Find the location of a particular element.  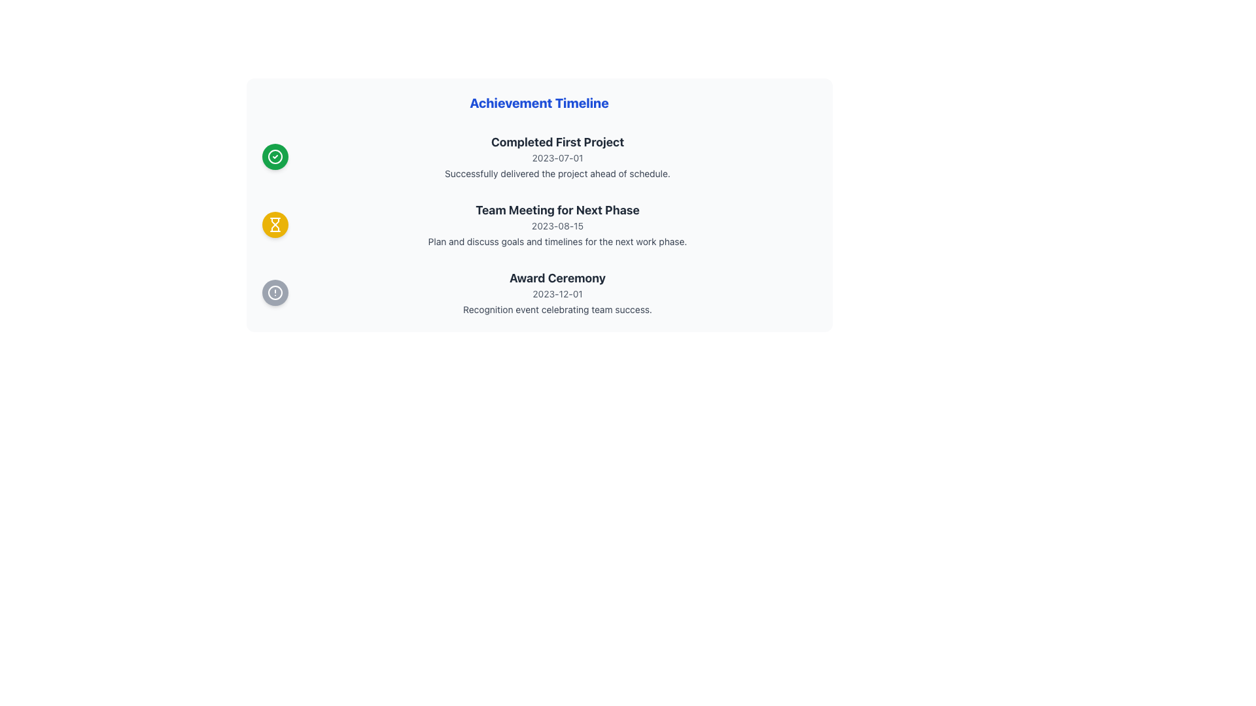

header text element that serves as a title for the recognition event, positioned centrally above the date and description is located at coordinates (557, 277).